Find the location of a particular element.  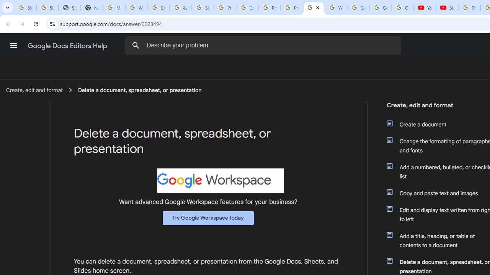

'Who is my administrator? - Google Account Help' is located at coordinates (136, 8).